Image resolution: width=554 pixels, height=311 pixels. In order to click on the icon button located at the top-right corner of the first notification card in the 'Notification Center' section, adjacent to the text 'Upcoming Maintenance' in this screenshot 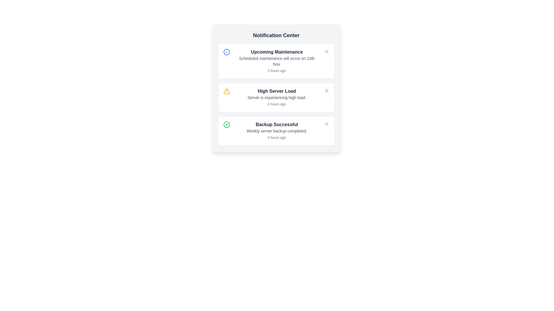, I will do `click(326, 51)`.